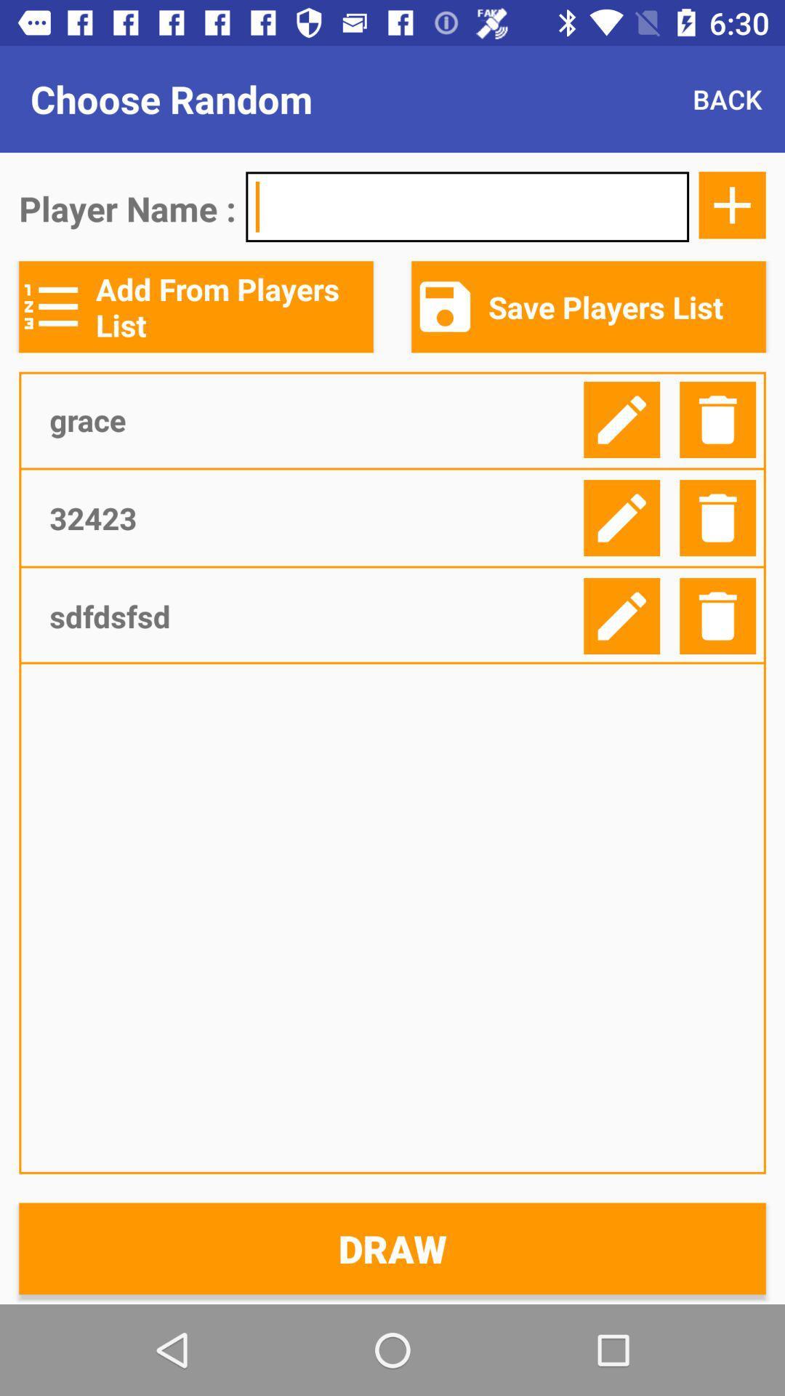  What do you see at coordinates (310, 419) in the screenshot?
I see `item below add from players` at bounding box center [310, 419].